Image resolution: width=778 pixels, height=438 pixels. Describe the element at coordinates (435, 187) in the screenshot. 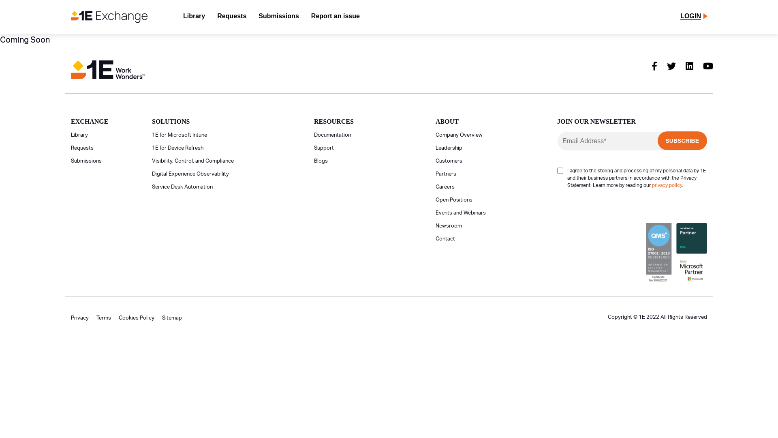

I see `'Careers'` at that location.